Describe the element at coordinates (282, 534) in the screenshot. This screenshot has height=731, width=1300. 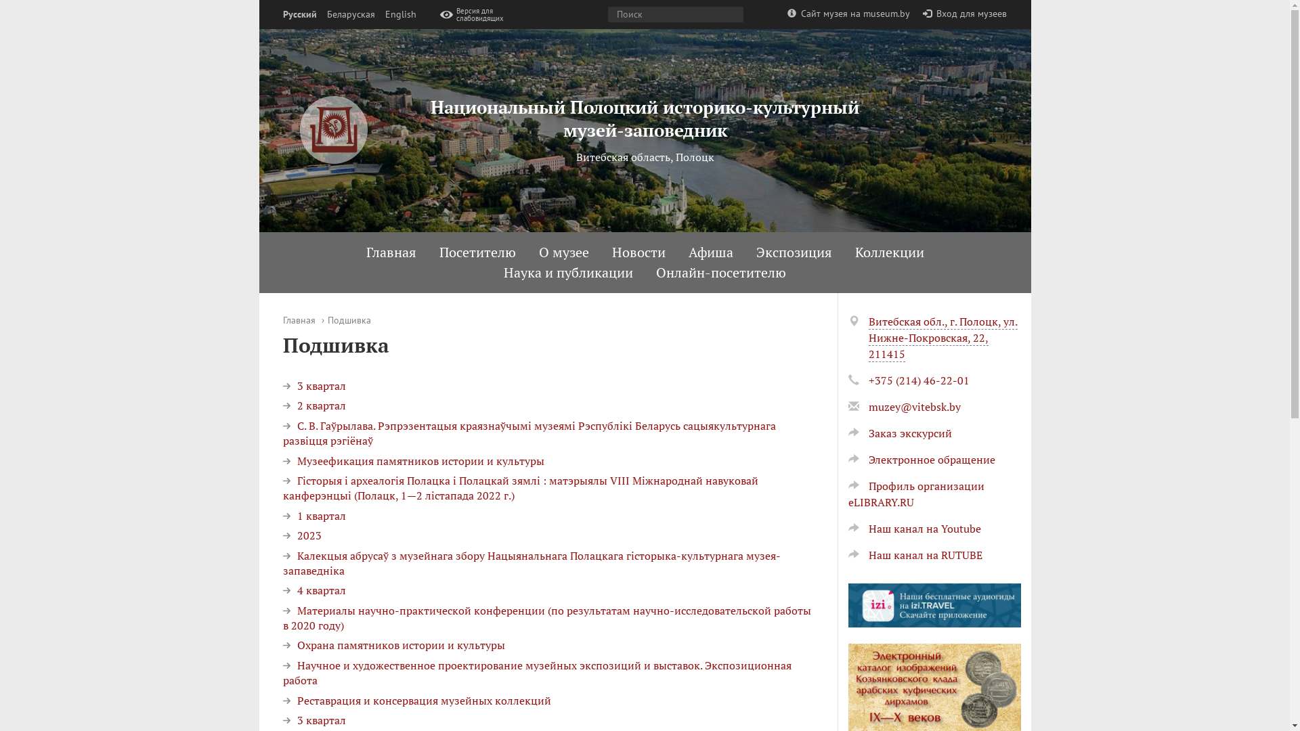
I see `'2023'` at that location.